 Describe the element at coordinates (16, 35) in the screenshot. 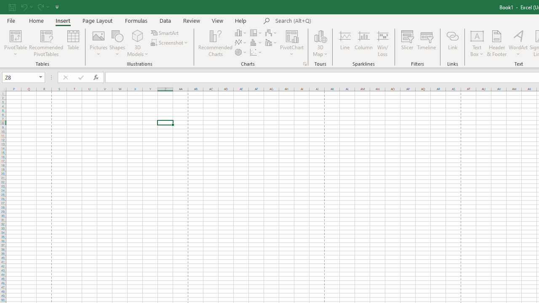

I see `'PivotTable'` at that location.